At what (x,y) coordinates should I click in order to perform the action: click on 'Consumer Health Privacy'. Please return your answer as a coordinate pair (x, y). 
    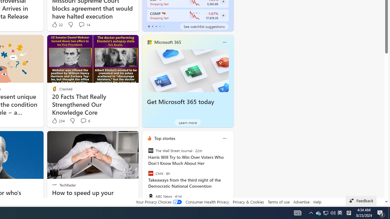
    Looking at the image, I should click on (207, 202).